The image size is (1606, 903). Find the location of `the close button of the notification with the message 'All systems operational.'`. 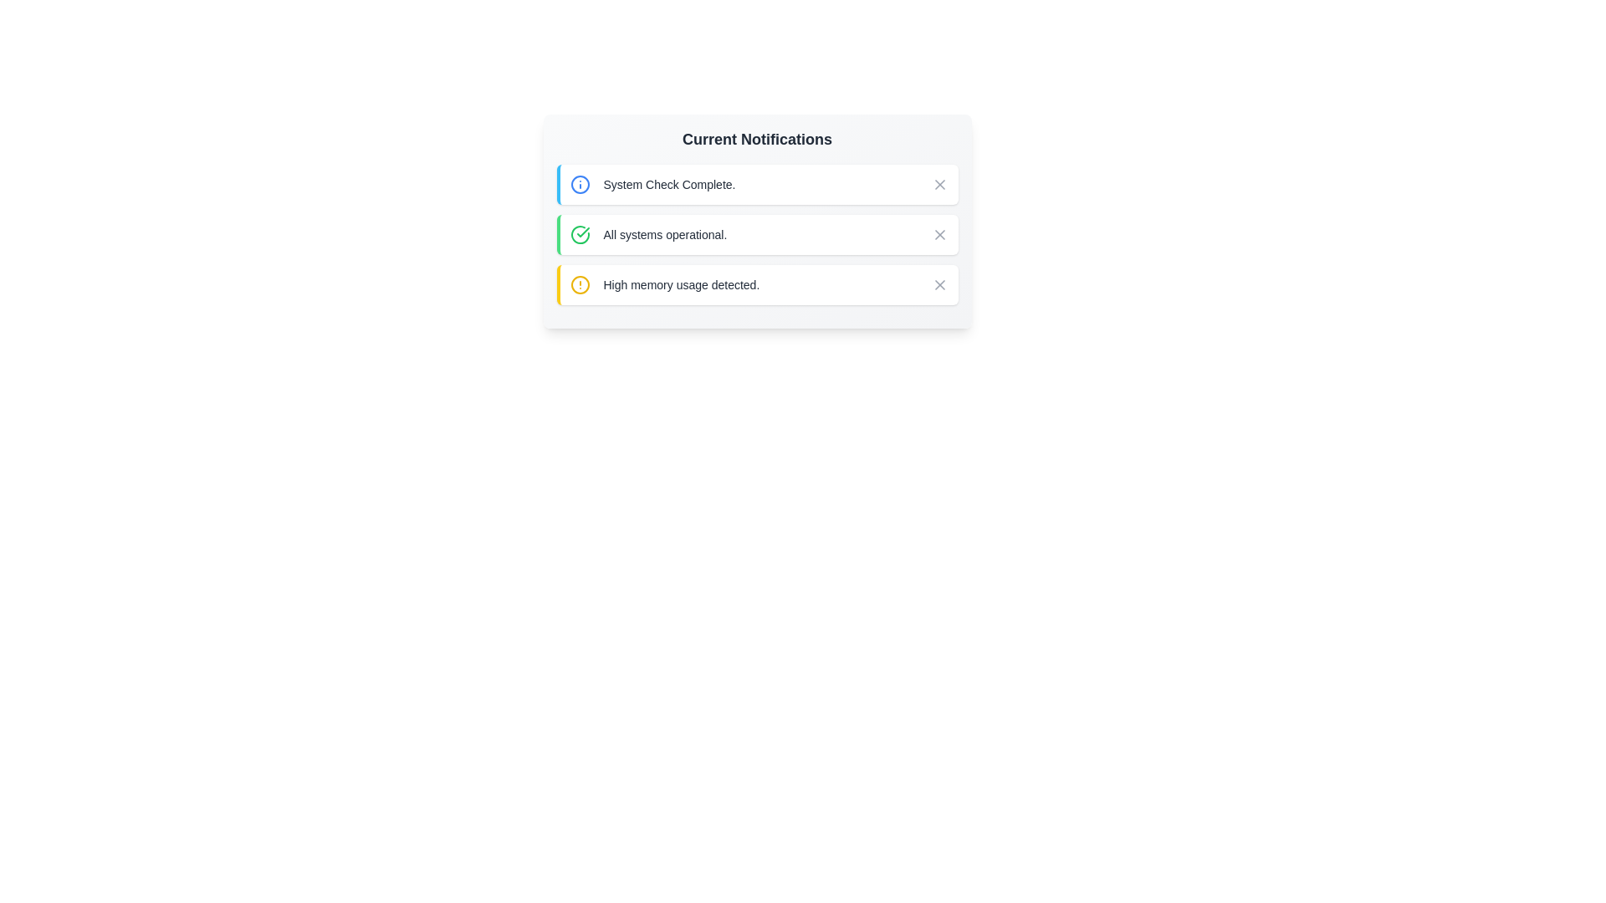

the close button of the notification with the message 'All systems operational.' is located at coordinates (939, 235).